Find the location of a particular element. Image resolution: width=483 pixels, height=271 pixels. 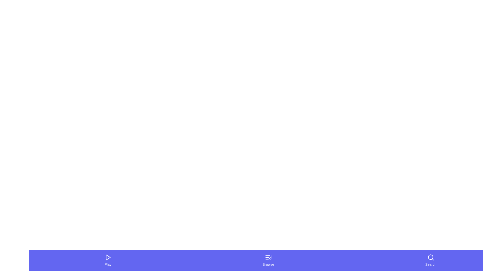

the Browse tab to activate it is located at coordinates (268, 260).